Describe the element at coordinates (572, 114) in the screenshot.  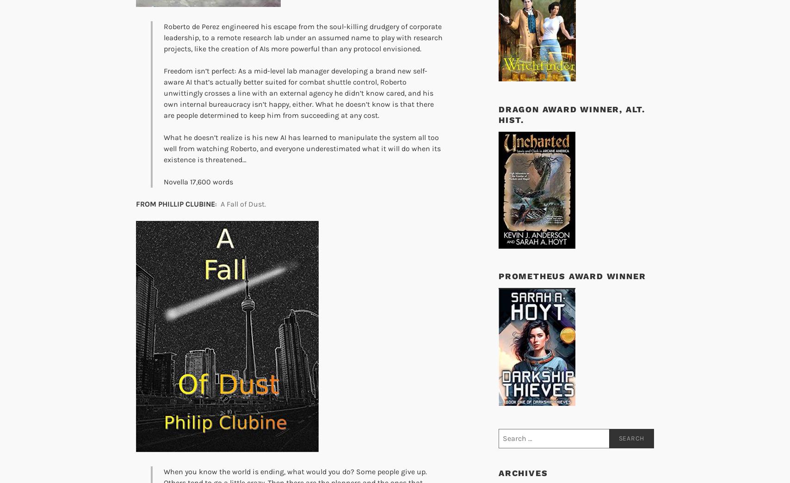
I see `'Dragon Award Winner, Alt. Hist.'` at that location.